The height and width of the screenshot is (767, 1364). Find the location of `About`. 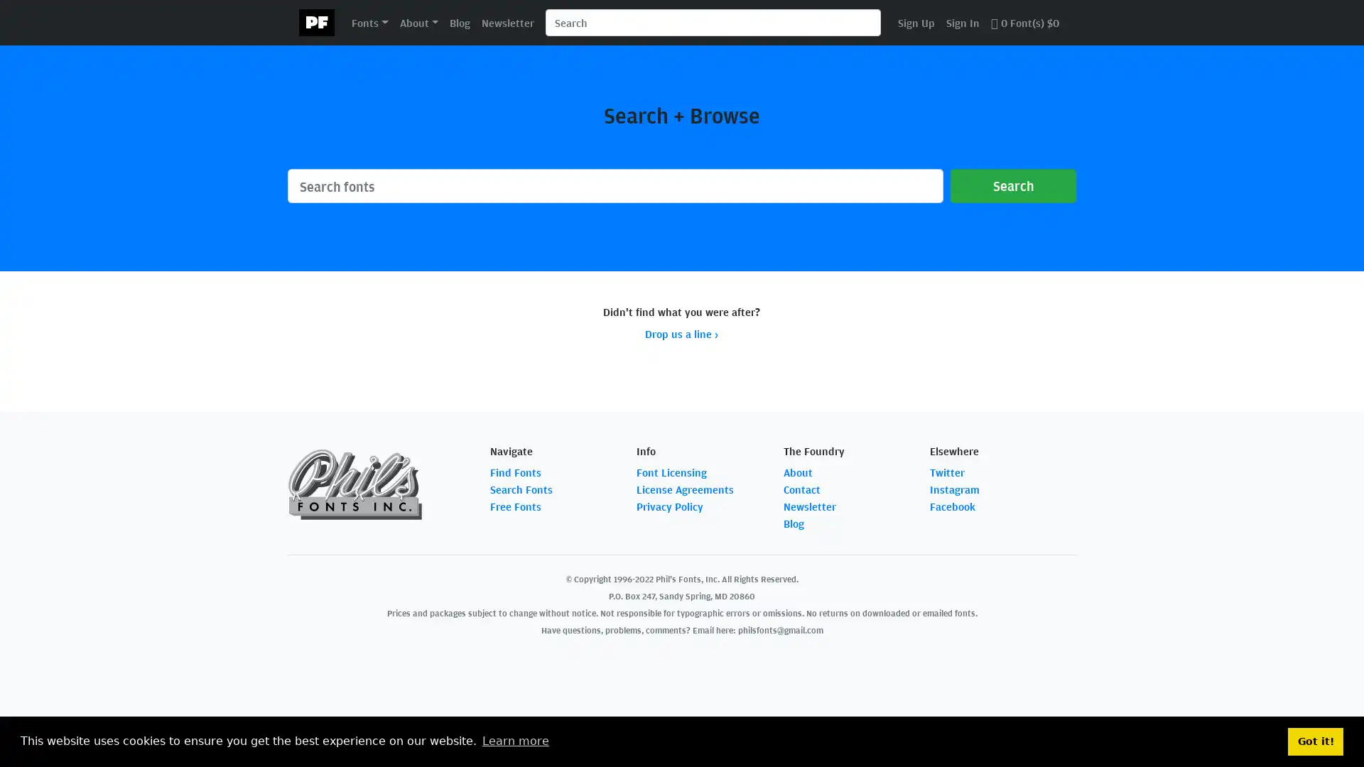

About is located at coordinates (418, 21).